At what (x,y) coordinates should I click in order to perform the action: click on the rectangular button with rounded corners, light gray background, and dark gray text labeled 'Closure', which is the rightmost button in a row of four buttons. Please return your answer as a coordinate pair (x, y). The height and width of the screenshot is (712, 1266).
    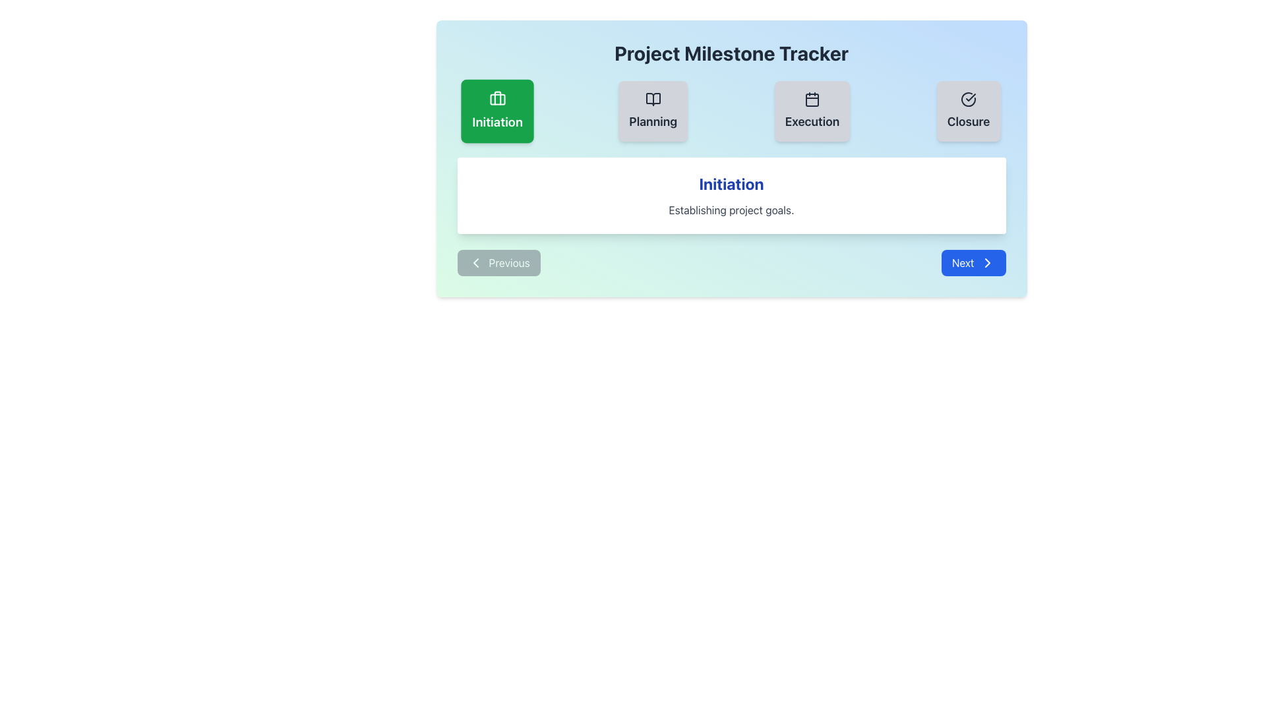
    Looking at the image, I should click on (969, 111).